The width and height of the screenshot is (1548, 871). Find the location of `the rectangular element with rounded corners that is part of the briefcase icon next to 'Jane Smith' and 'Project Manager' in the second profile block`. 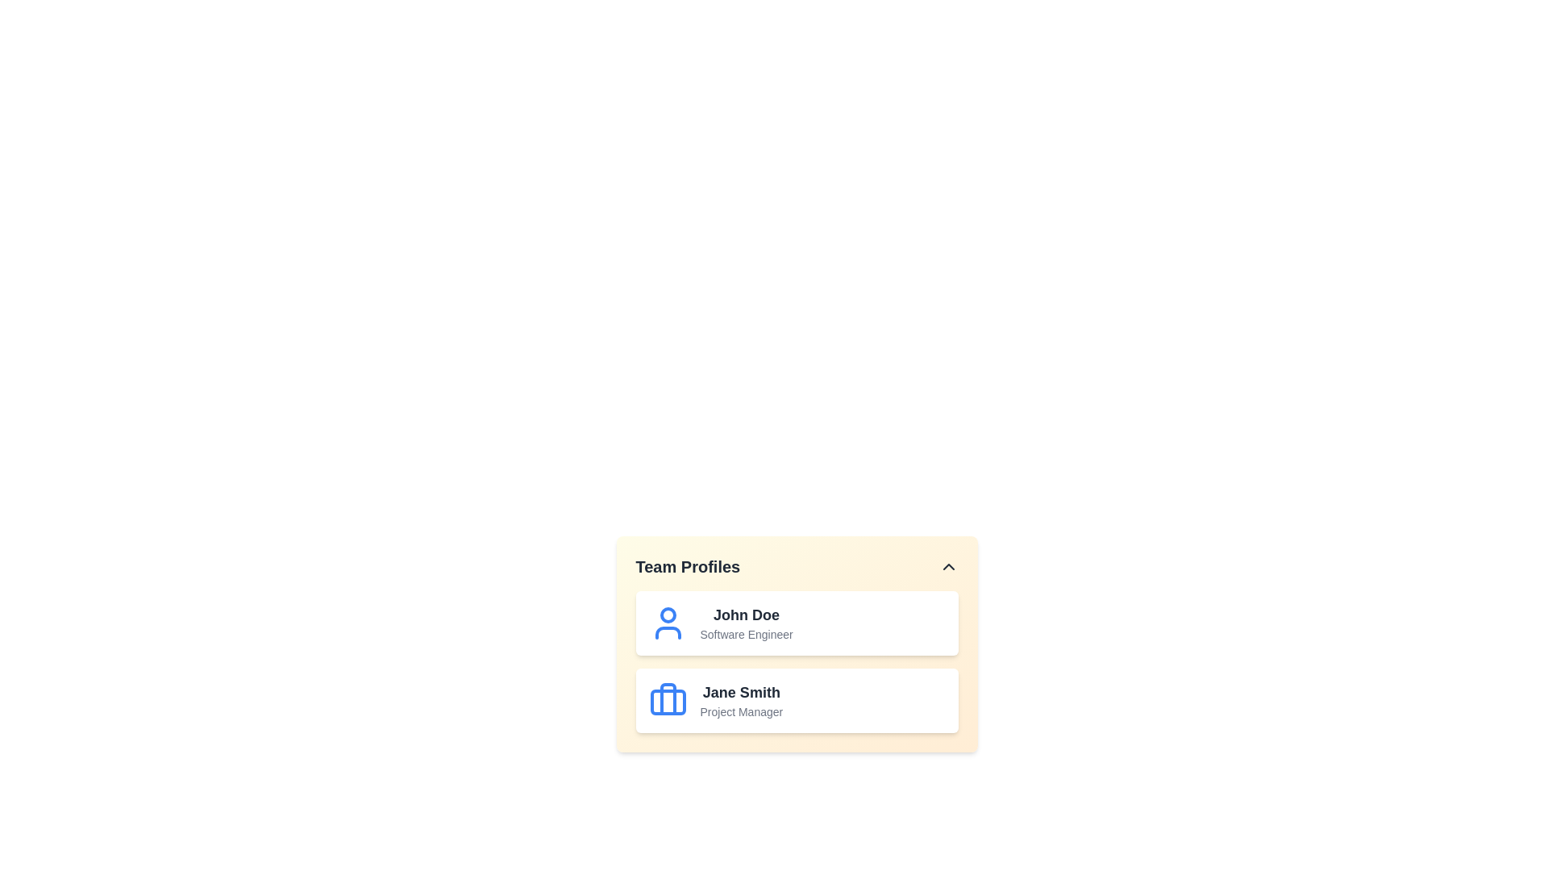

the rectangular element with rounded corners that is part of the briefcase icon next to 'Jane Smith' and 'Project Manager' in the second profile block is located at coordinates (668, 702).